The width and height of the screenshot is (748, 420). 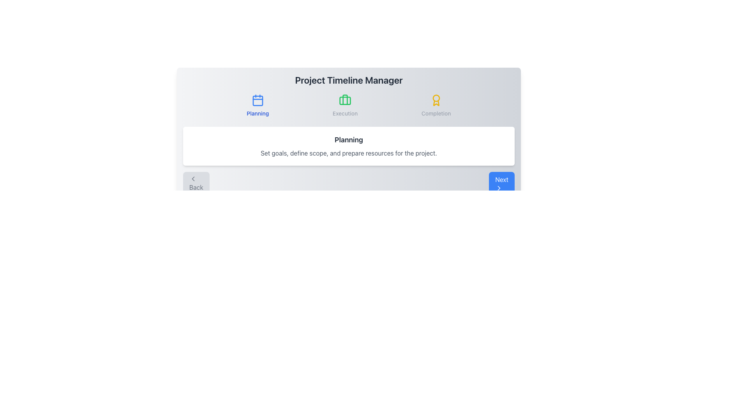 I want to click on the text label displaying 'Set goals, define scope, and prepare resources for the project.' which is positioned below the title 'Planning' in a gray font, so click(x=348, y=153).